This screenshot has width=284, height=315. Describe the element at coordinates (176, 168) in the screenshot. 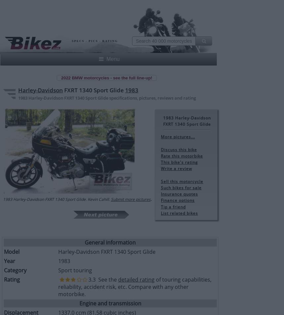

I see `'Write a review'` at that location.